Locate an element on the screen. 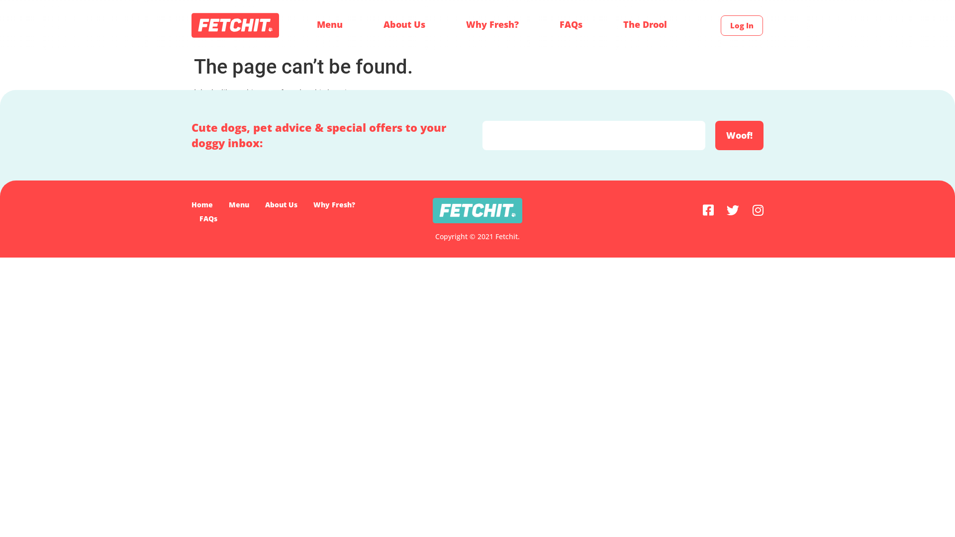  'About Us' is located at coordinates (404, 24).